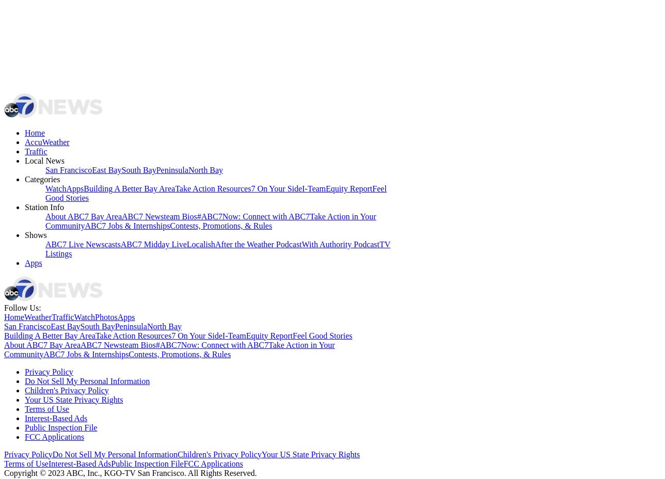 Image resolution: width=665 pixels, height=479 pixels. I want to click on 'Categories', so click(42, 178).